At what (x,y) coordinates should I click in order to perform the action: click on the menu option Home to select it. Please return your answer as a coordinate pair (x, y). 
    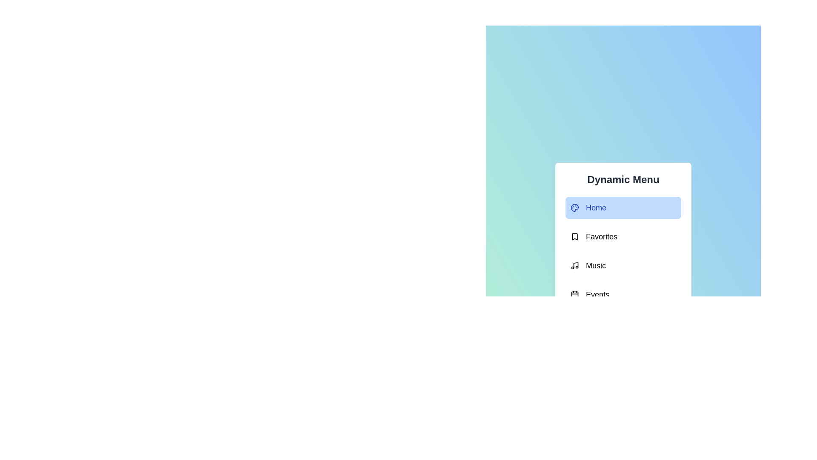
    Looking at the image, I should click on (623, 208).